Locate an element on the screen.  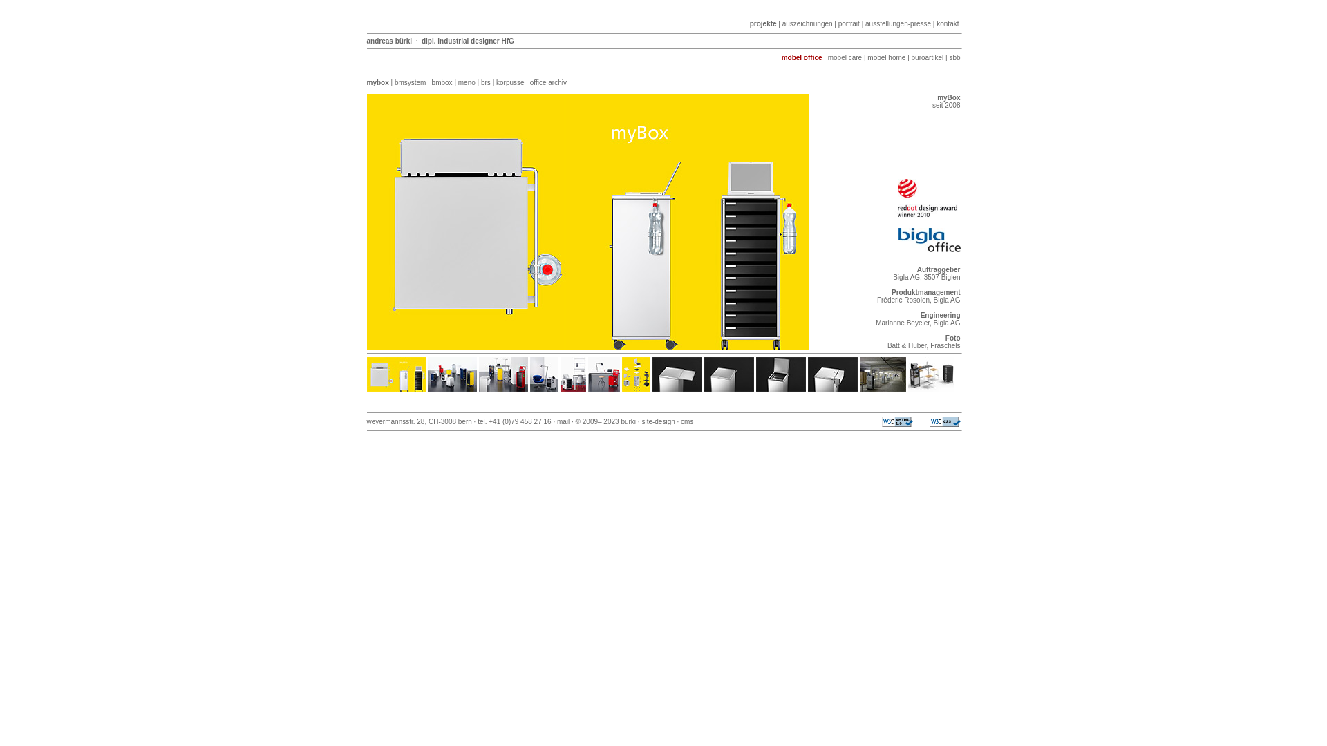
'kontakt' is located at coordinates (947, 23).